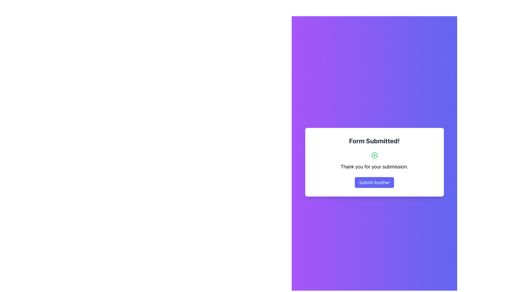 The height and width of the screenshot is (292, 520). What do you see at coordinates (374, 162) in the screenshot?
I see `the green plus icon within the Message Dialog Box that confirms the form submission, which contains the text 'Form Submitted!' and a thank-you note` at bounding box center [374, 162].